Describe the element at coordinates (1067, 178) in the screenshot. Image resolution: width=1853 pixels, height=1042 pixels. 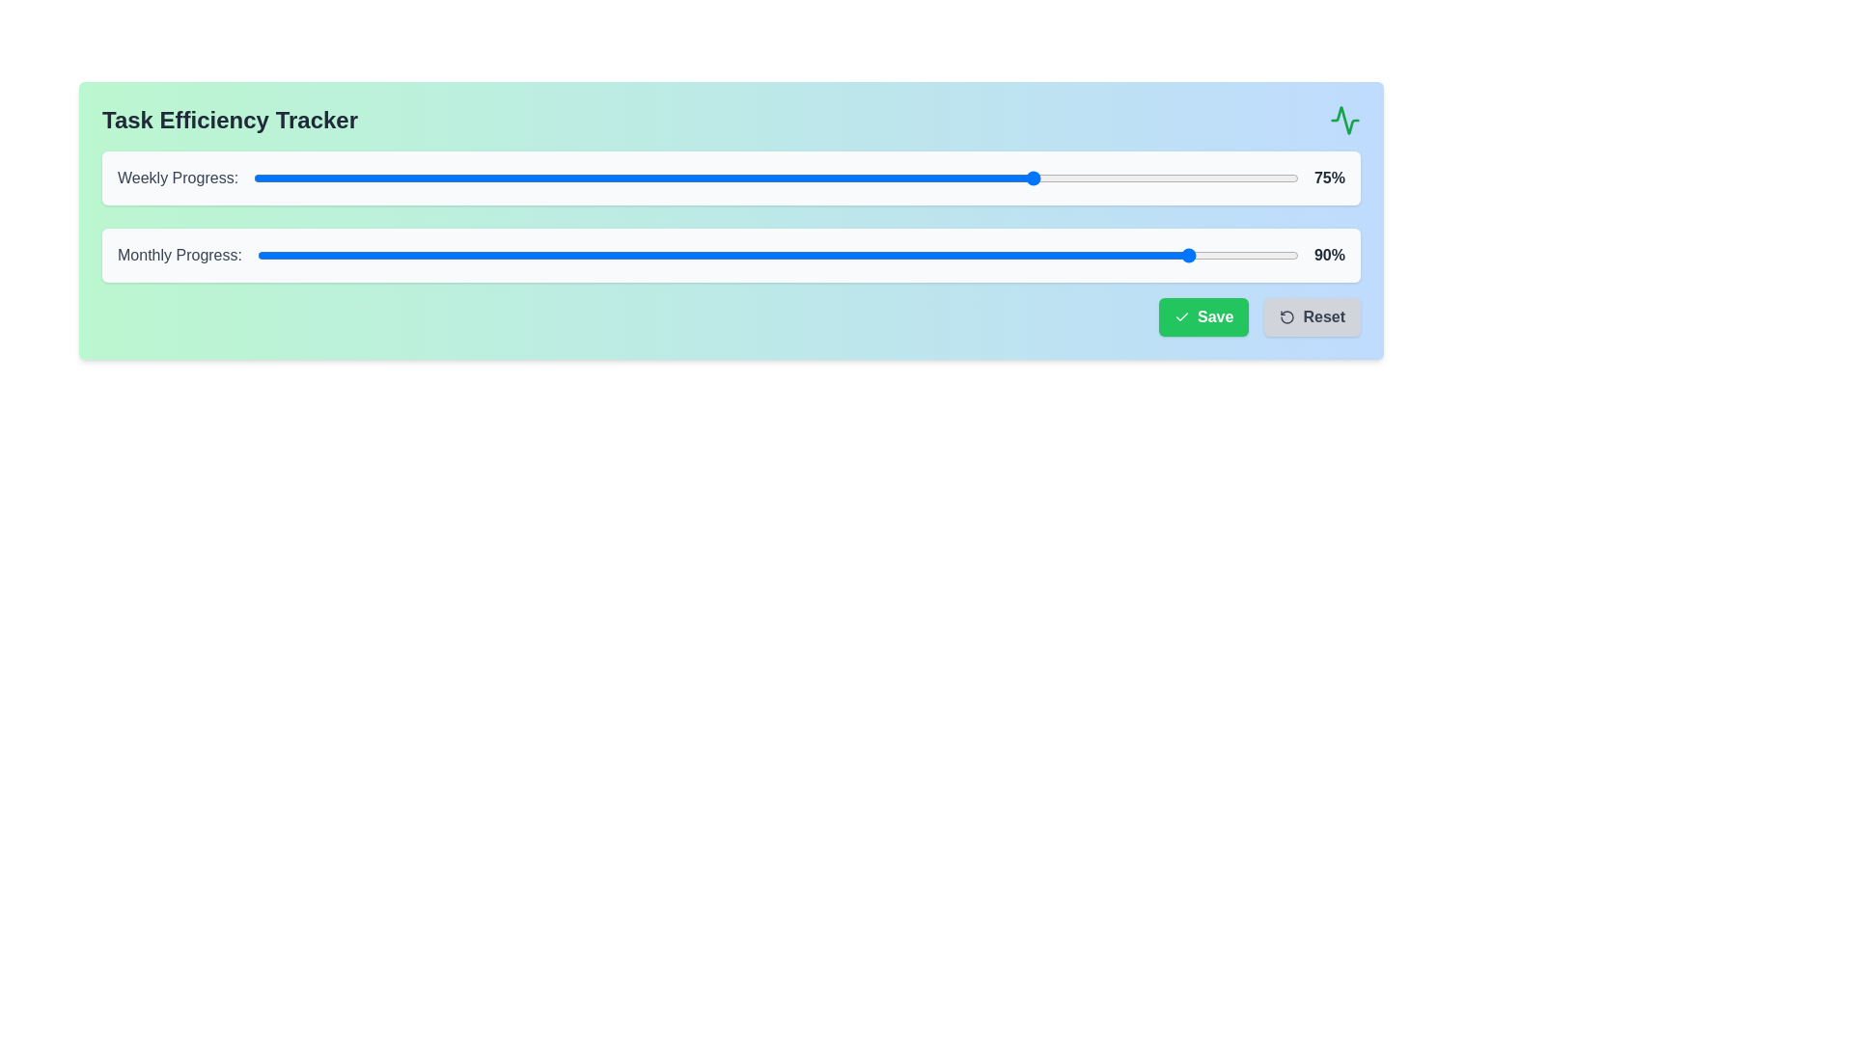
I see `the Weekly Progress slider to 78%` at that location.